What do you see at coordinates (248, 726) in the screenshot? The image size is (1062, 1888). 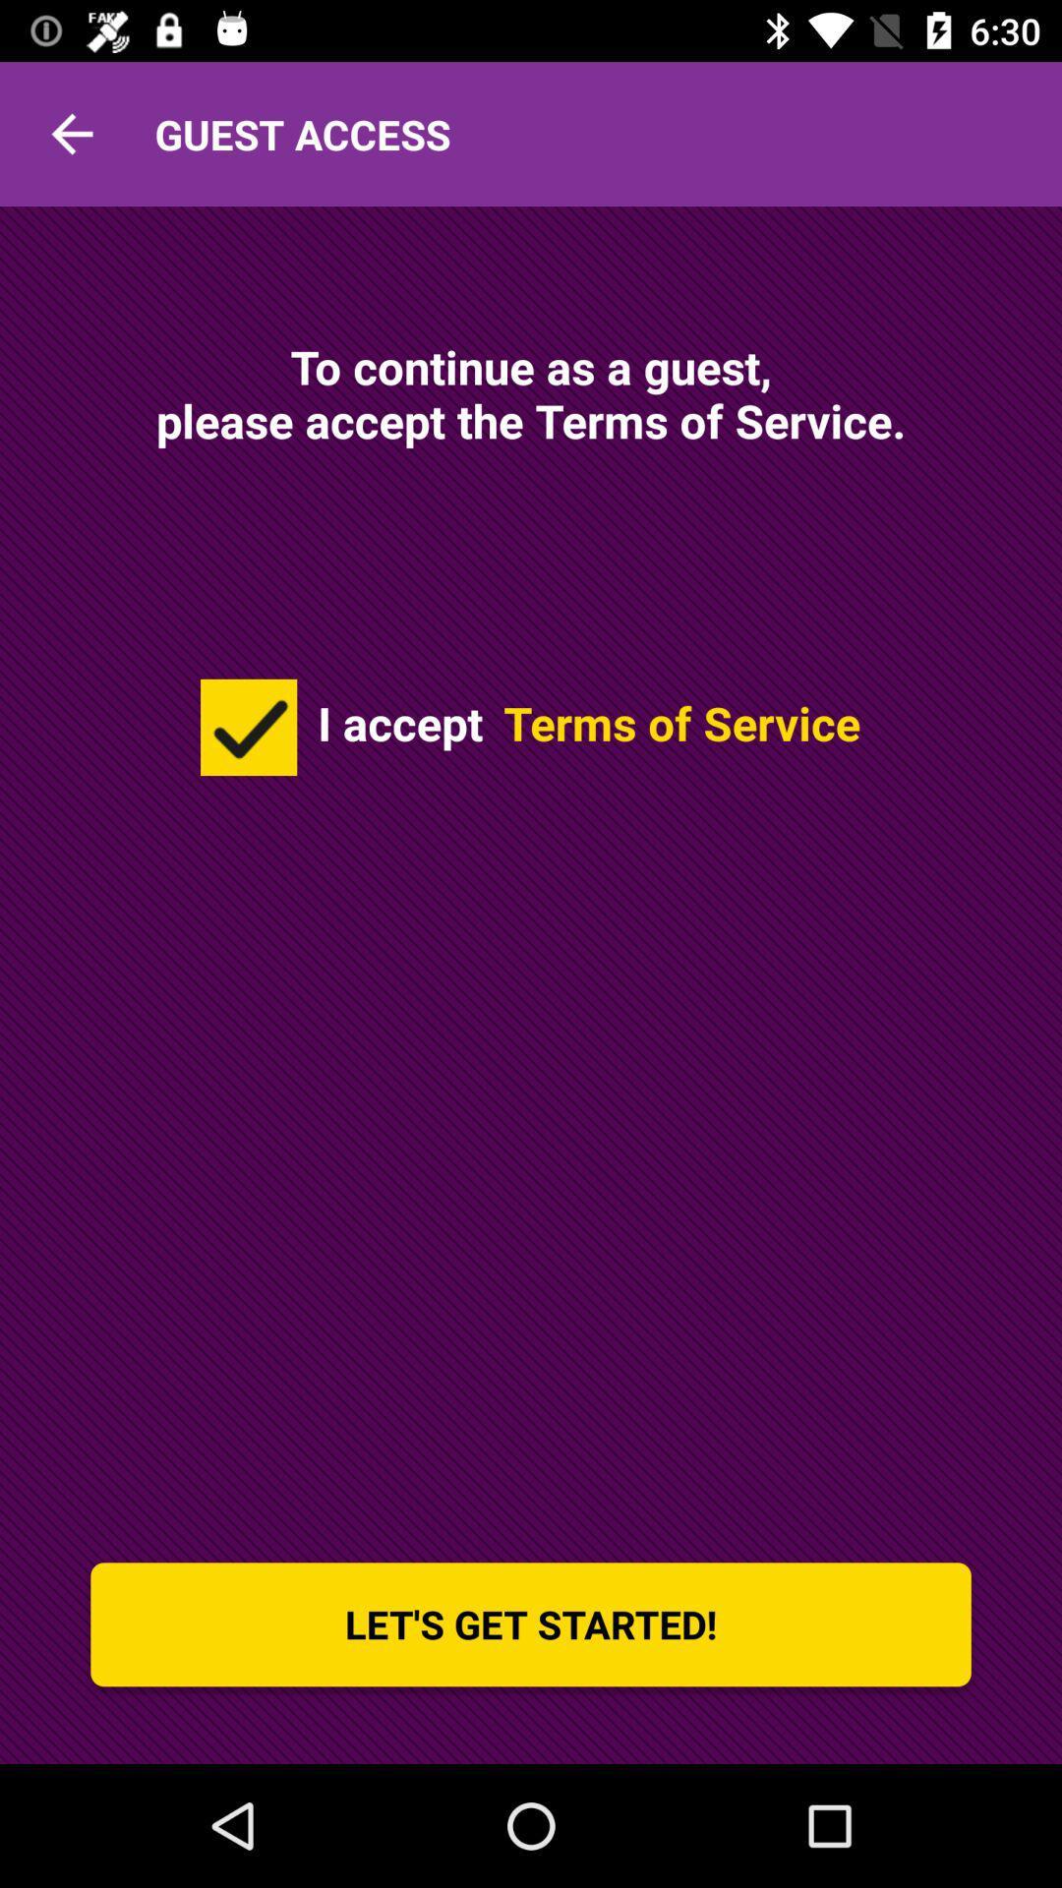 I see `you are accepting the terms of service or not choose which` at bounding box center [248, 726].